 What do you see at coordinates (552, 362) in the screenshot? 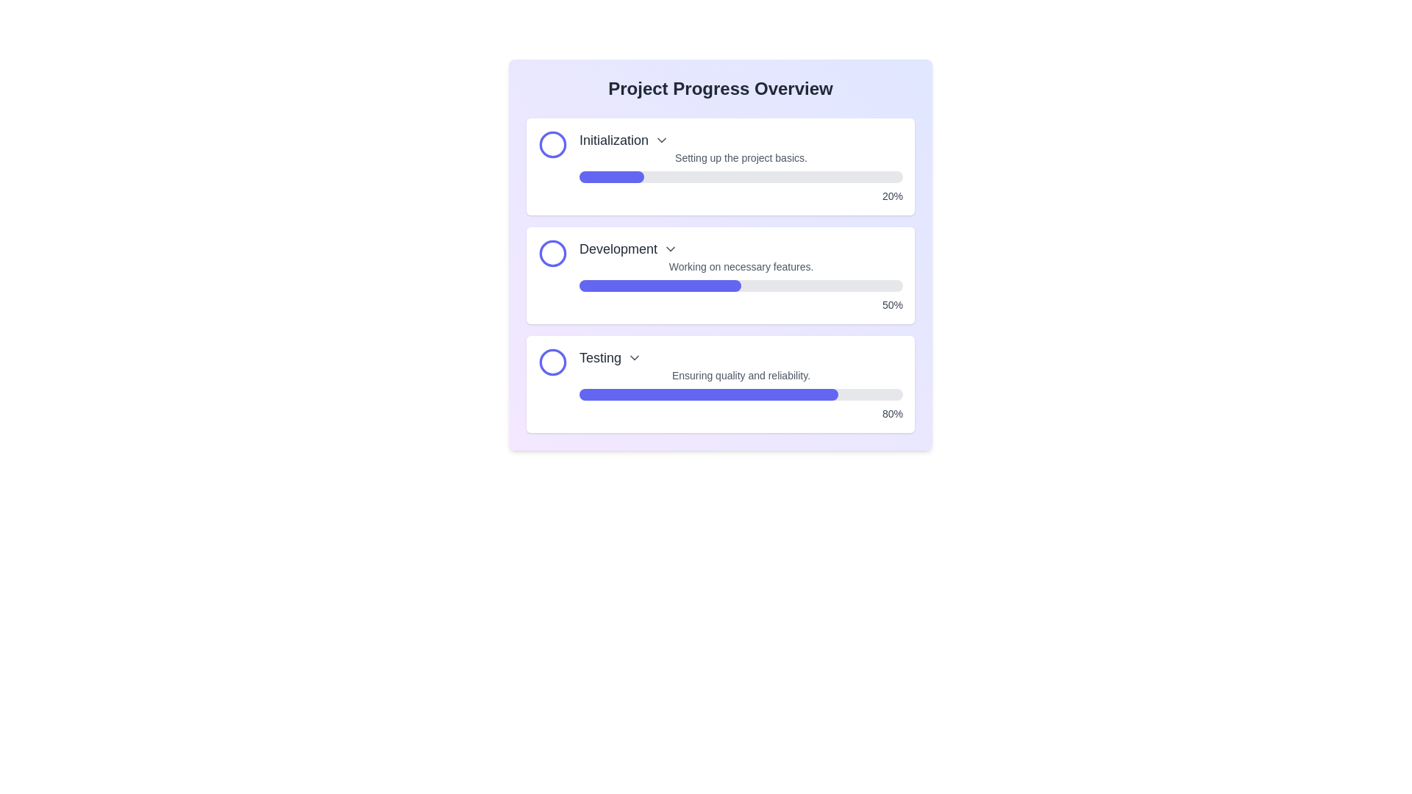
I see `the indigo circular icon located to the left of the 'Testing' text` at bounding box center [552, 362].